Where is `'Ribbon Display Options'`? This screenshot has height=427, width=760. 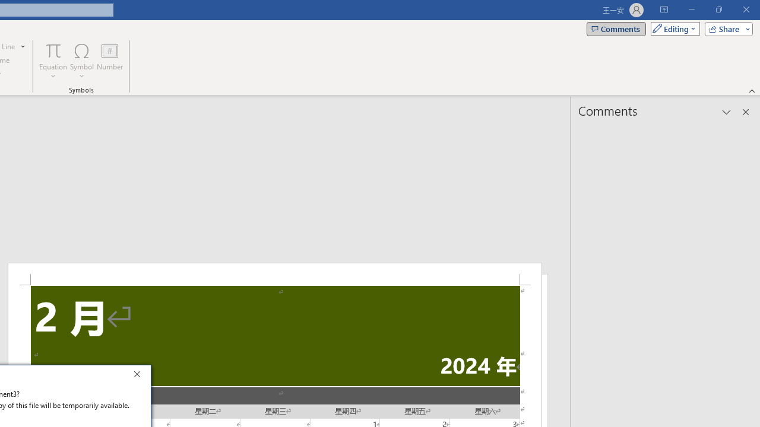 'Ribbon Display Options' is located at coordinates (663, 9).